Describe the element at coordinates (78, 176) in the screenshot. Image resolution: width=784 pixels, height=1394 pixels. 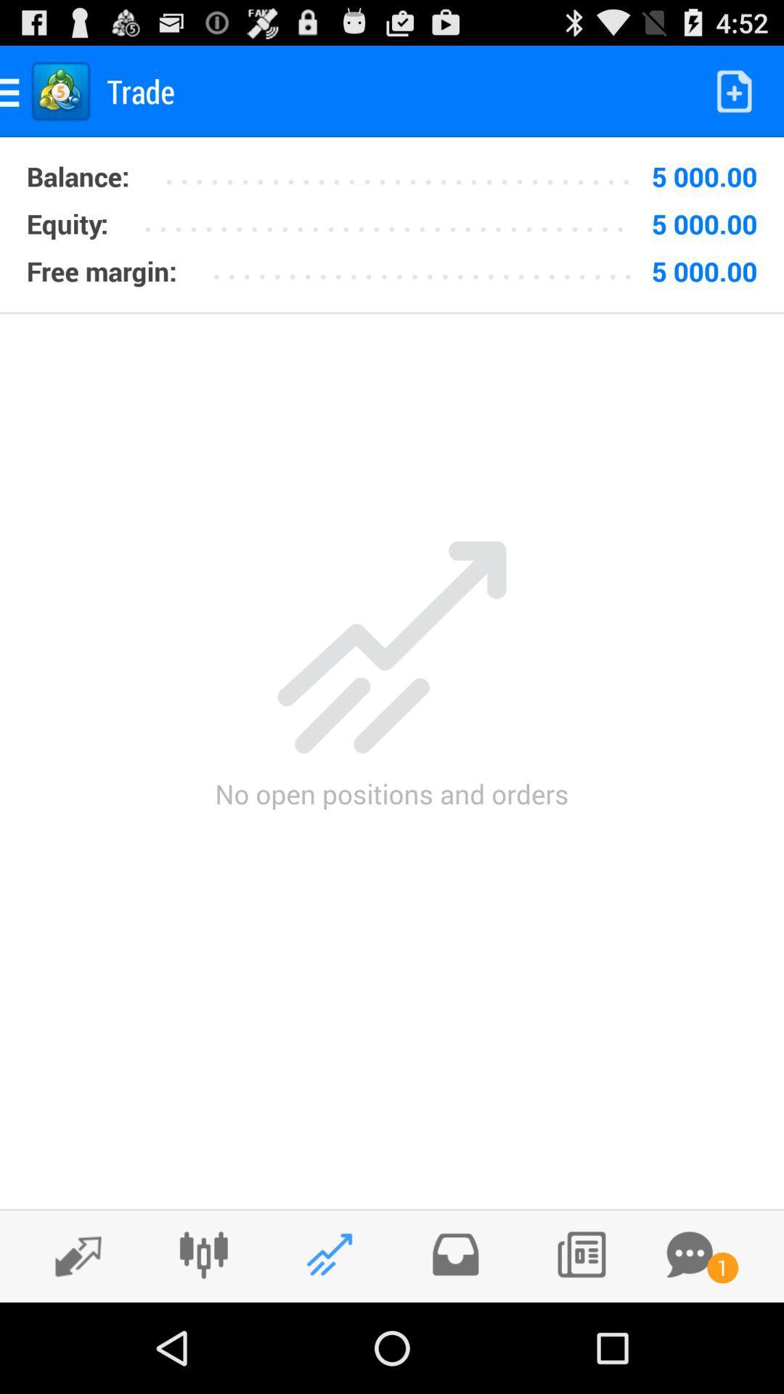
I see `item above equity: icon` at that location.